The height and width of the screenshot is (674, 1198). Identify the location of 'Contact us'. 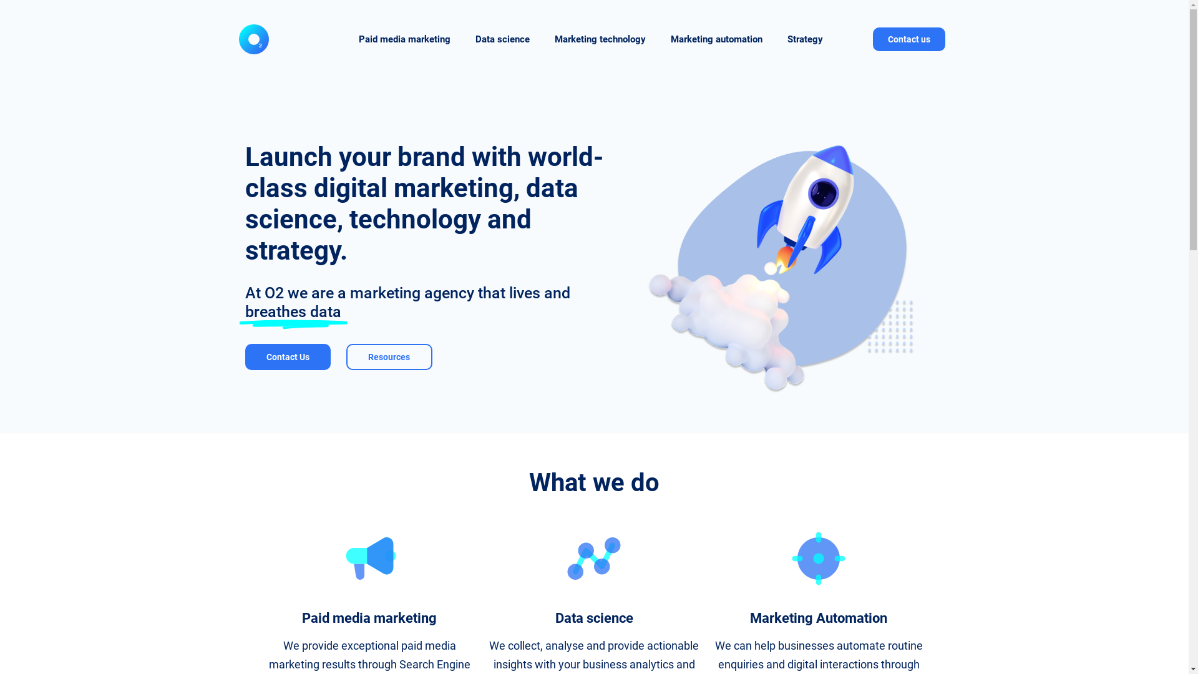
(909, 38).